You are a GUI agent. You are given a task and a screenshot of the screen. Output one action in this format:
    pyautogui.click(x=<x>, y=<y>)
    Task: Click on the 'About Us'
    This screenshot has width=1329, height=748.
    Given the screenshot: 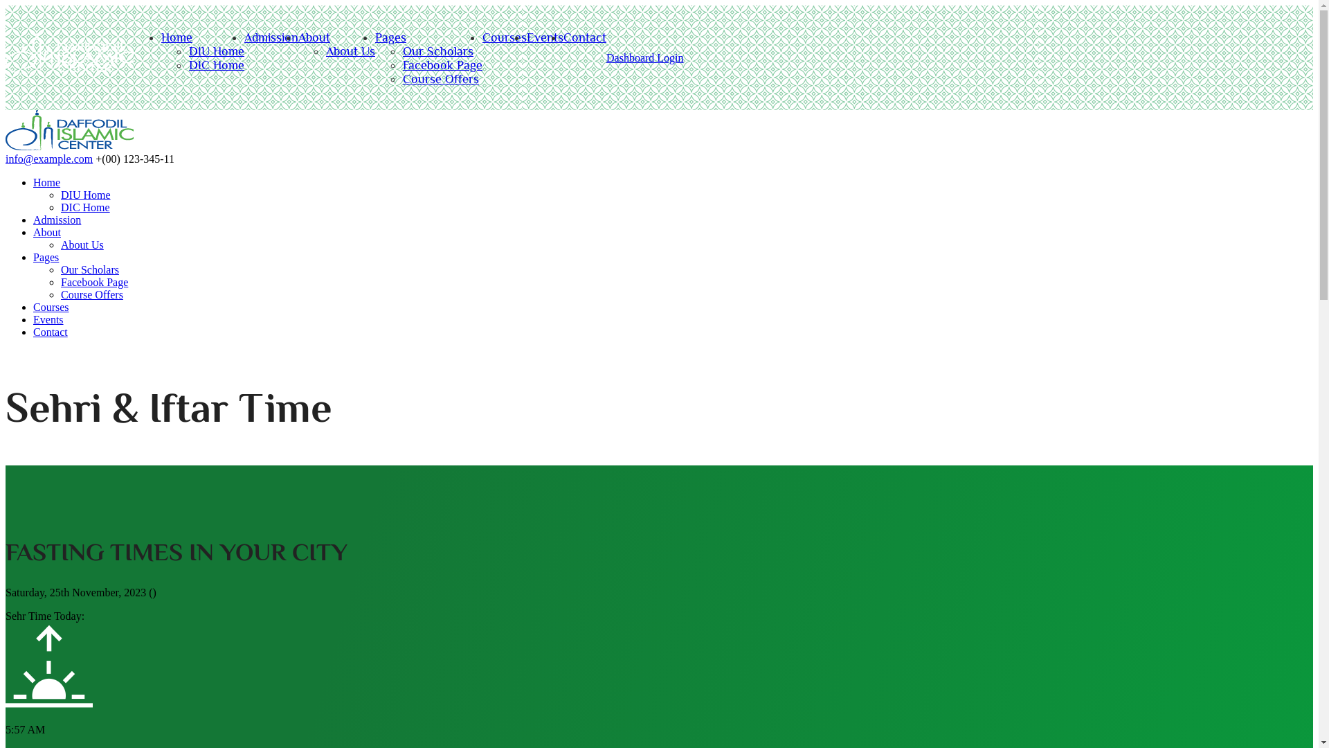 What is the action you would take?
    pyautogui.click(x=325, y=50)
    